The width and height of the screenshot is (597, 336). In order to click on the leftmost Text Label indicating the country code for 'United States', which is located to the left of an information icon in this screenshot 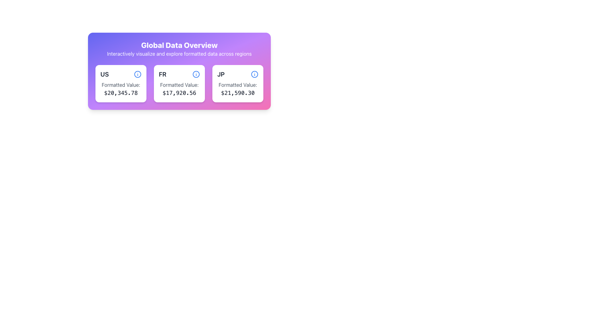, I will do `click(104, 74)`.